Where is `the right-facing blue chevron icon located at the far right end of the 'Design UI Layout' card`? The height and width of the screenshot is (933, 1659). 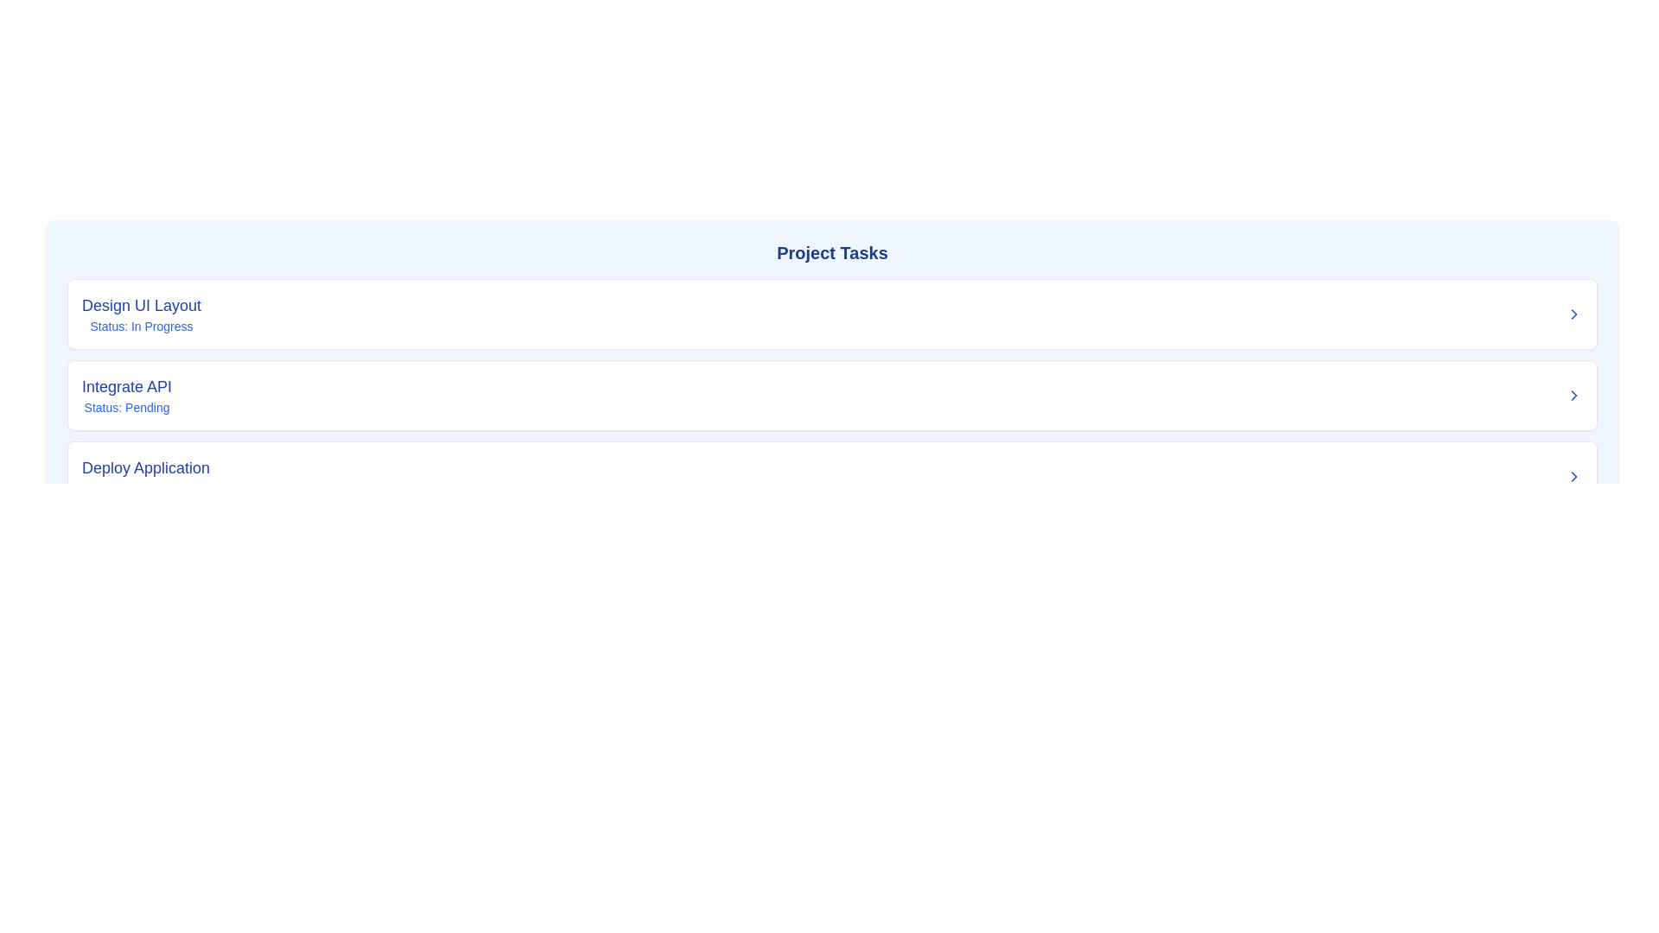 the right-facing blue chevron icon located at the far right end of the 'Design UI Layout' card is located at coordinates (1574, 314).